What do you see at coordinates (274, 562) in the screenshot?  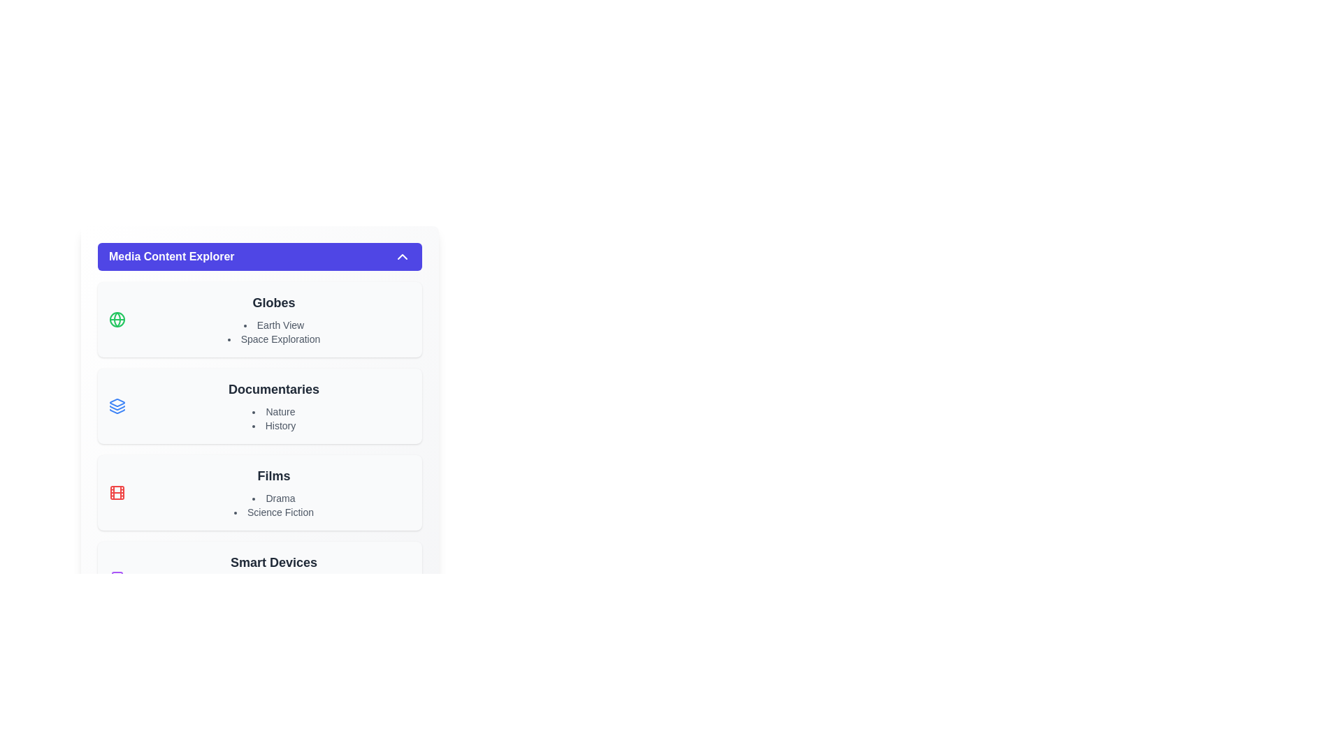 I see `the text label that displays 'Smart Devices', which is styled in bold dark gray on a light background and positioned centrally above 'Tablets' and 'Watches'` at bounding box center [274, 562].